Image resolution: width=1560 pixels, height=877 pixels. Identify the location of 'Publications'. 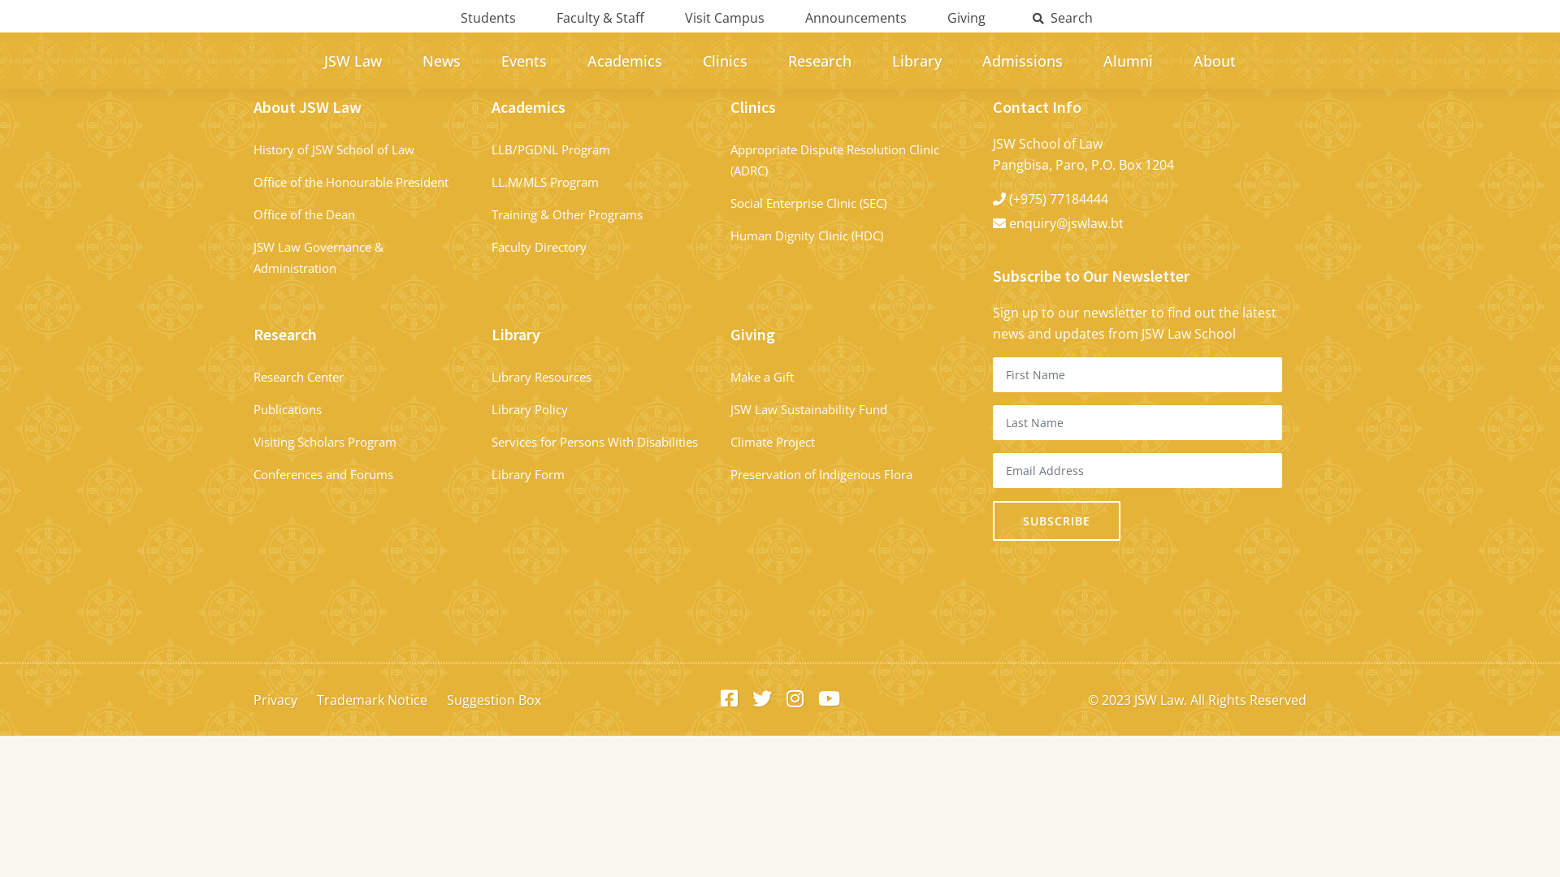
(253, 408).